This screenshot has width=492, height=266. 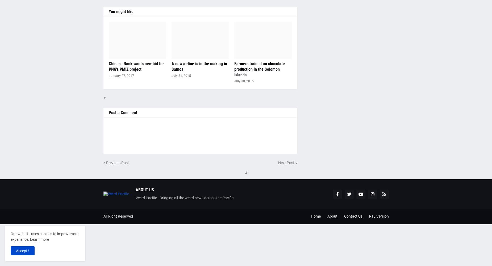 I want to click on 'You might like', so click(x=120, y=11).